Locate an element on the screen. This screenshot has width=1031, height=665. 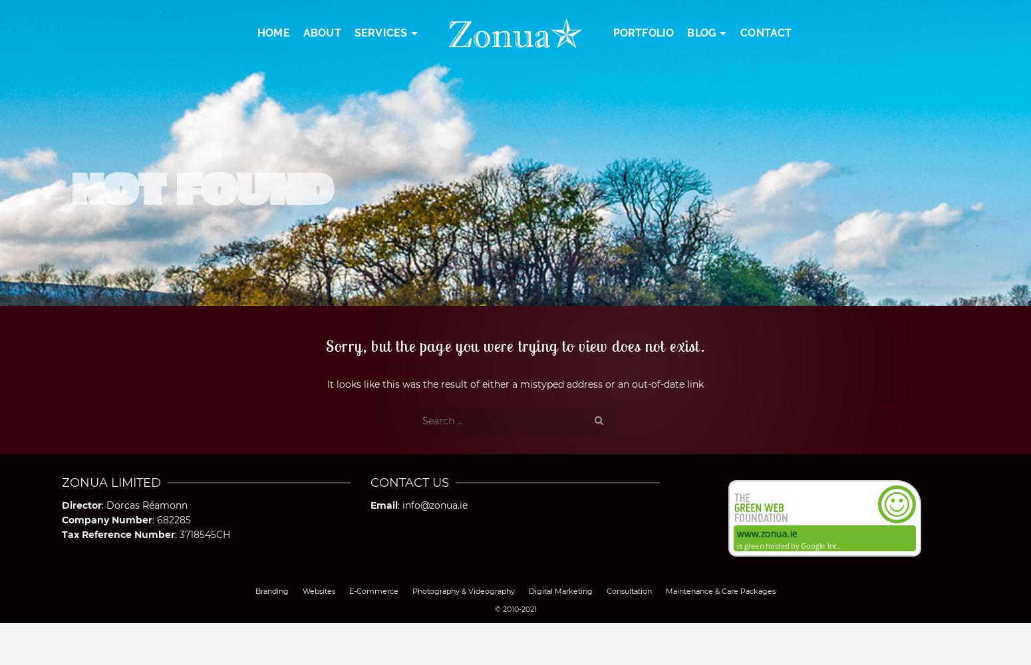
'It looks like this was the result of either a mistyped address or an out-of-date link' is located at coordinates (515, 384).